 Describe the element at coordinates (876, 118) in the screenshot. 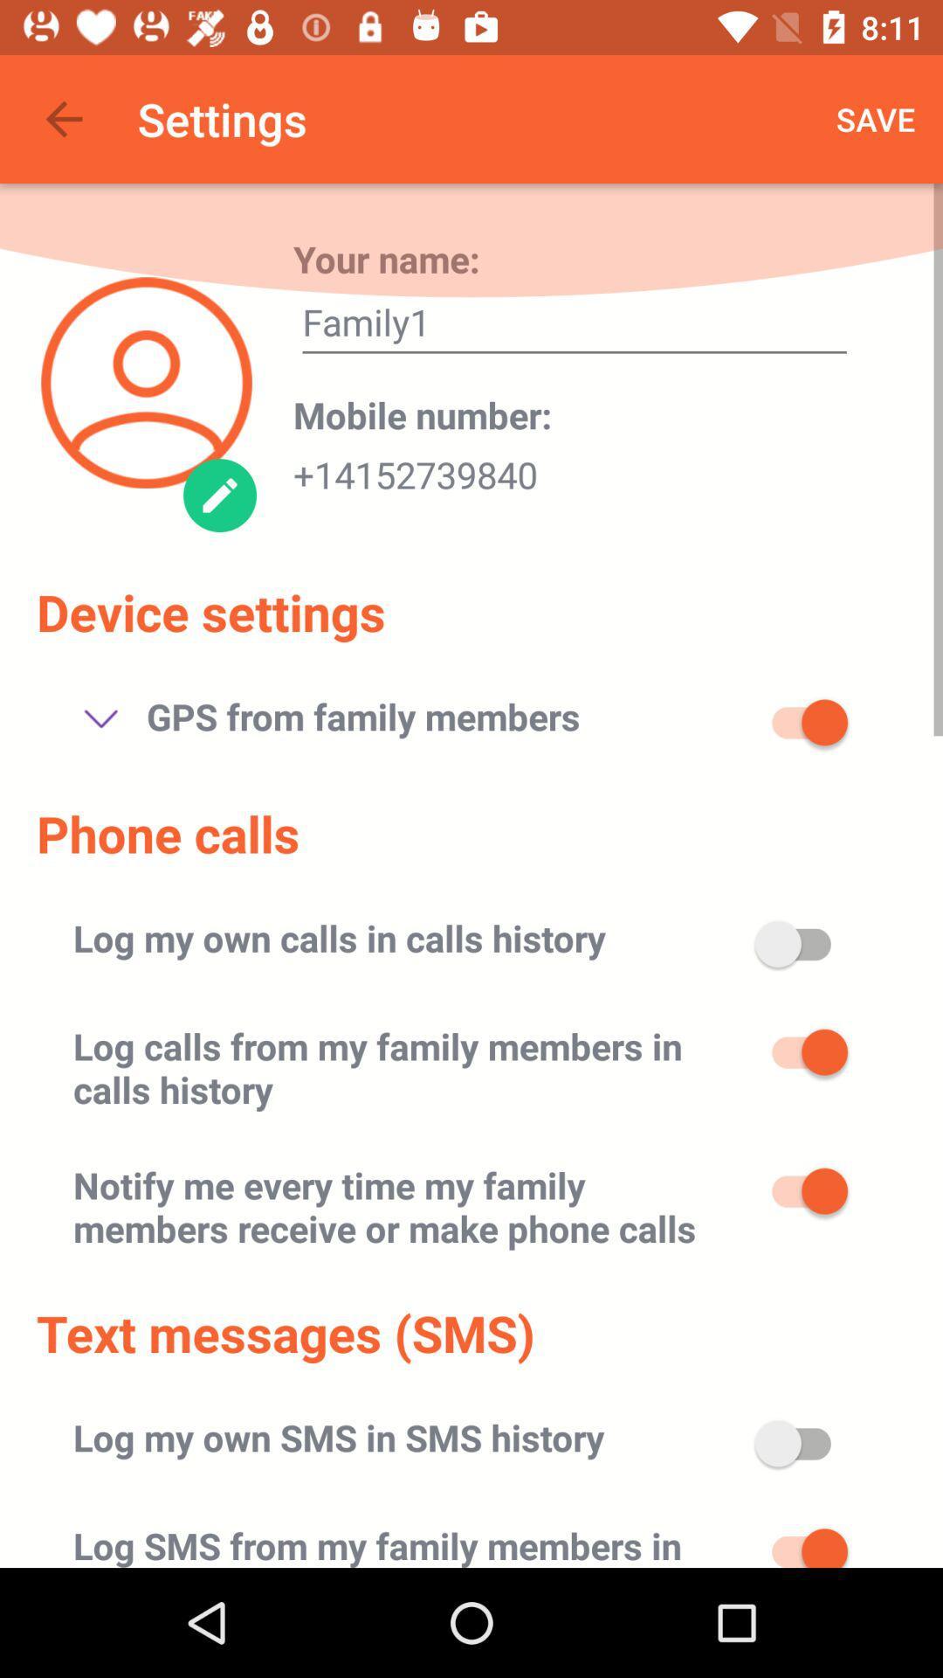

I see `the icon at the top right corner` at that location.